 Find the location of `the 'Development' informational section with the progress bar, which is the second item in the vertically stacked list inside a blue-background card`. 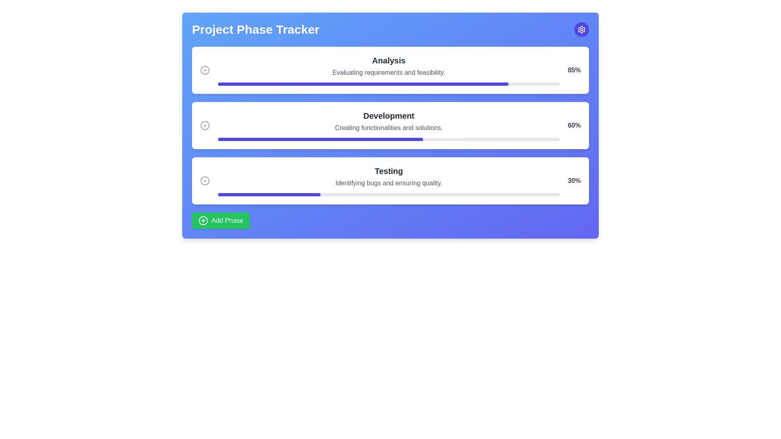

the 'Development' informational section with the progress bar, which is the second item in the vertically stacked list inside a blue-background card is located at coordinates (388, 125).